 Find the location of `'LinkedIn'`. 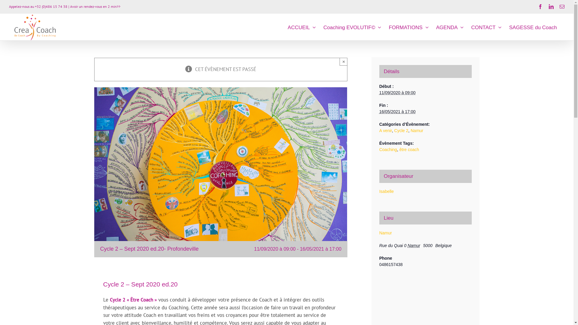

'LinkedIn' is located at coordinates (551, 7).